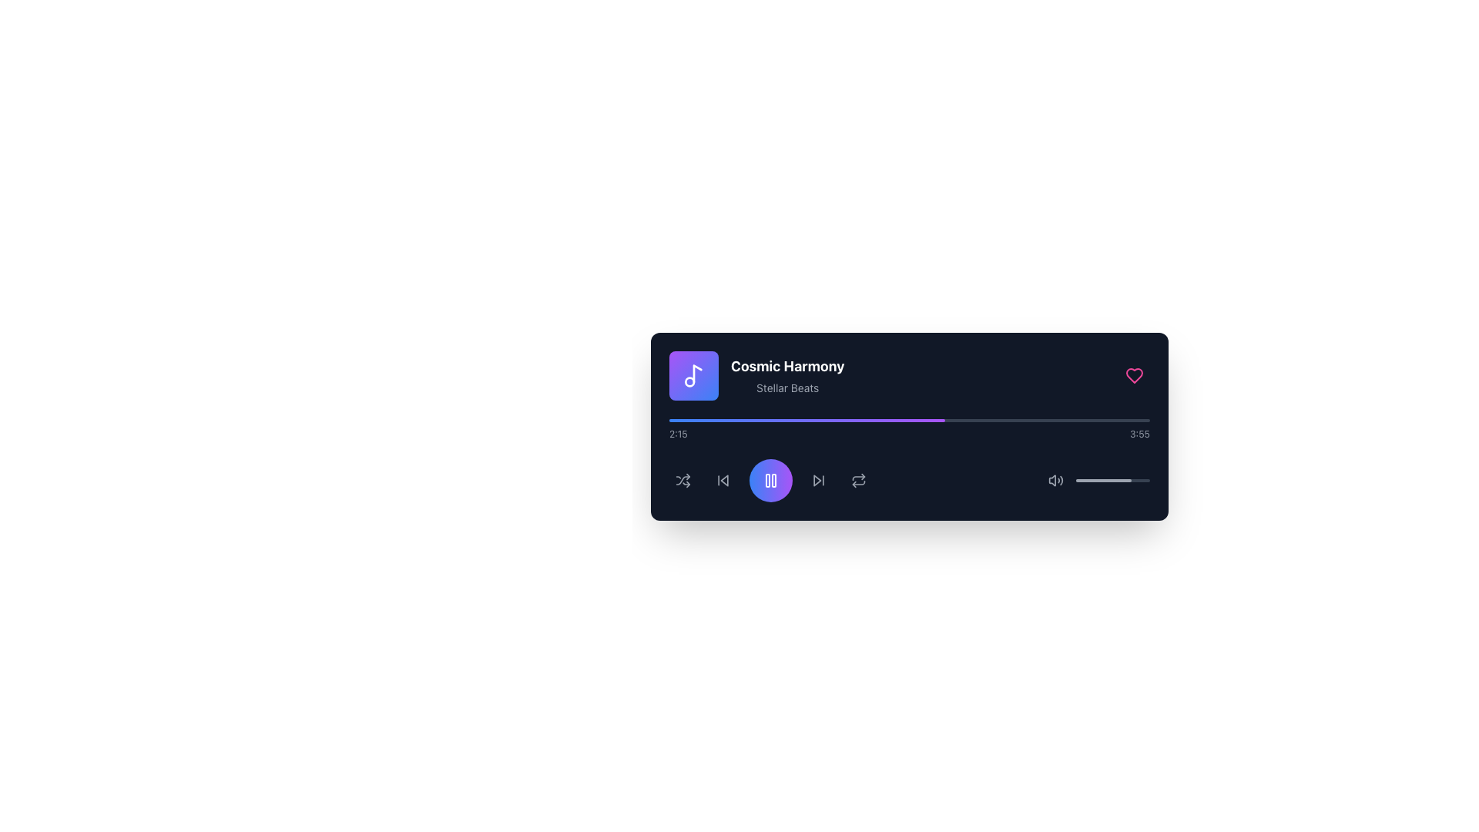 Image resolution: width=1479 pixels, height=832 pixels. I want to click on the heart-shaped icon located on the right part of the playback control panel to like or favorite the currently playing track, so click(1135, 376).